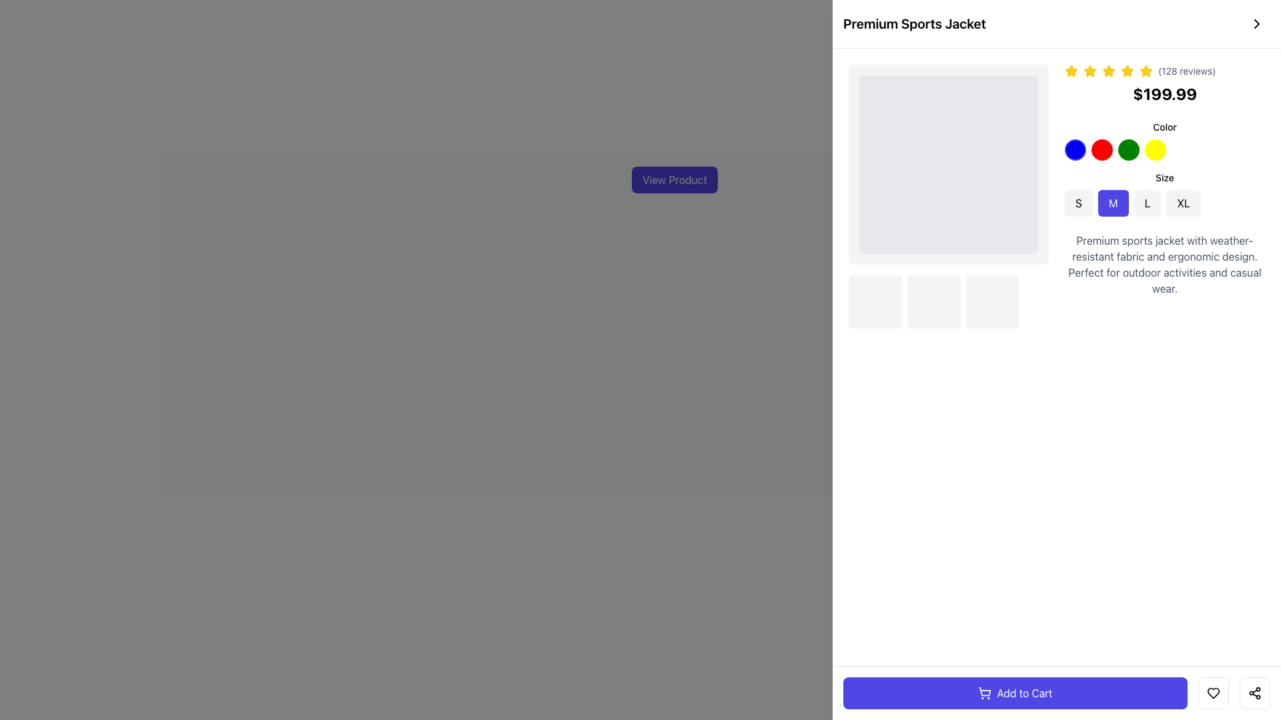  I want to click on the leftmost button labeled 'S', so click(1079, 203).